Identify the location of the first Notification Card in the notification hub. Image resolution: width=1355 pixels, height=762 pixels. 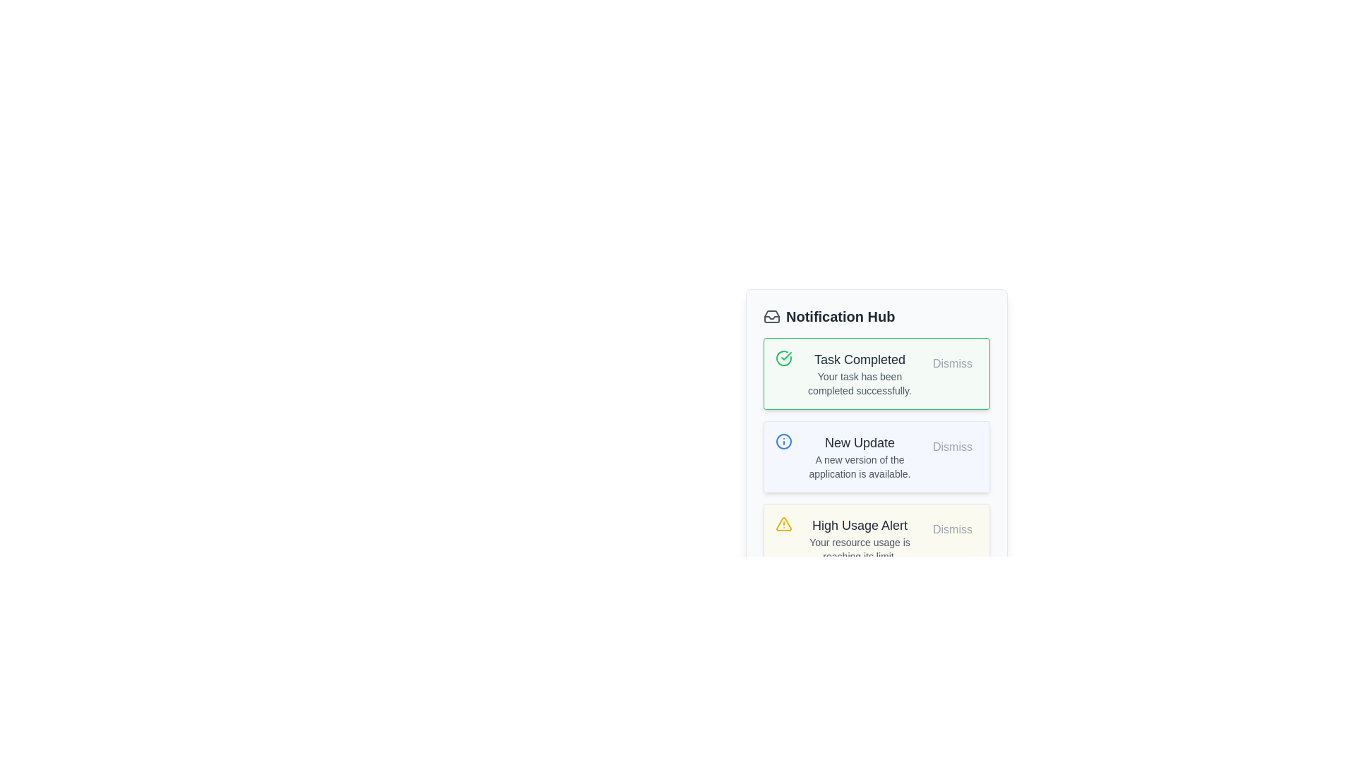
(876, 413).